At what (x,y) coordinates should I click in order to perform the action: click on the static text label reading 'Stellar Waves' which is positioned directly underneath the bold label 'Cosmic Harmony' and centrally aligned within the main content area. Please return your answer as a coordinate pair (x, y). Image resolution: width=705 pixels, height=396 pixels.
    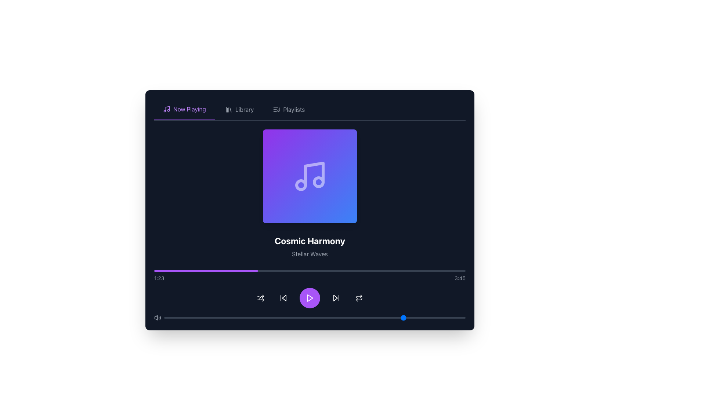
    Looking at the image, I should click on (310, 254).